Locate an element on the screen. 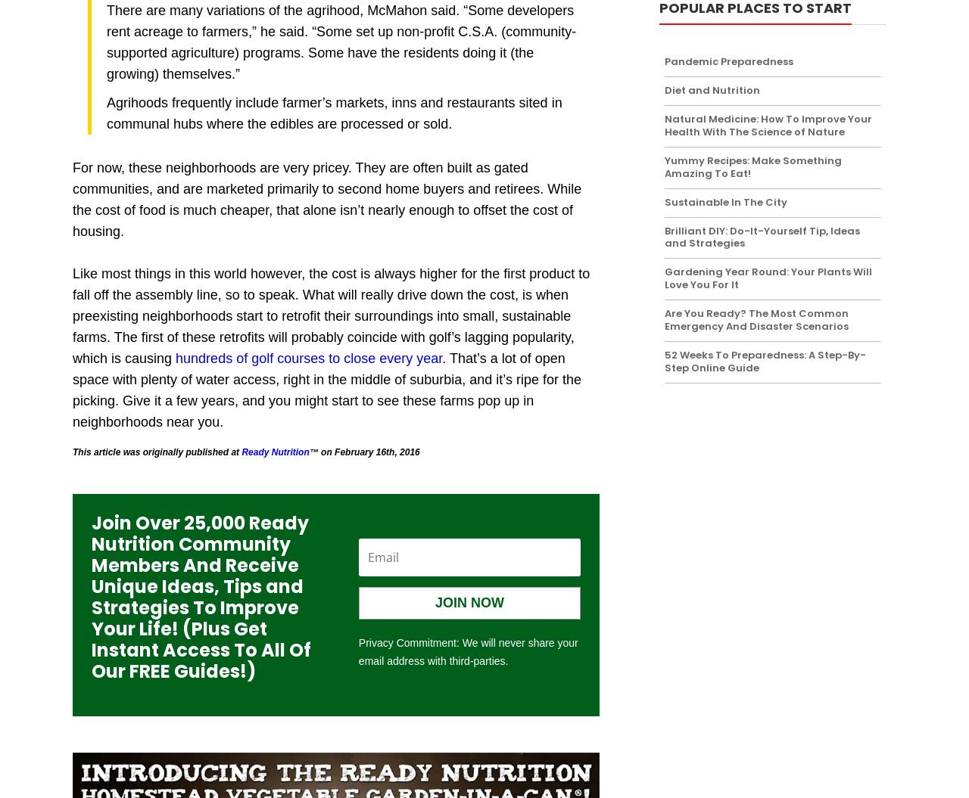  'Brilliant DIY: Do-It-Yourself Tip, Ideas and Strategies' is located at coordinates (761, 236).